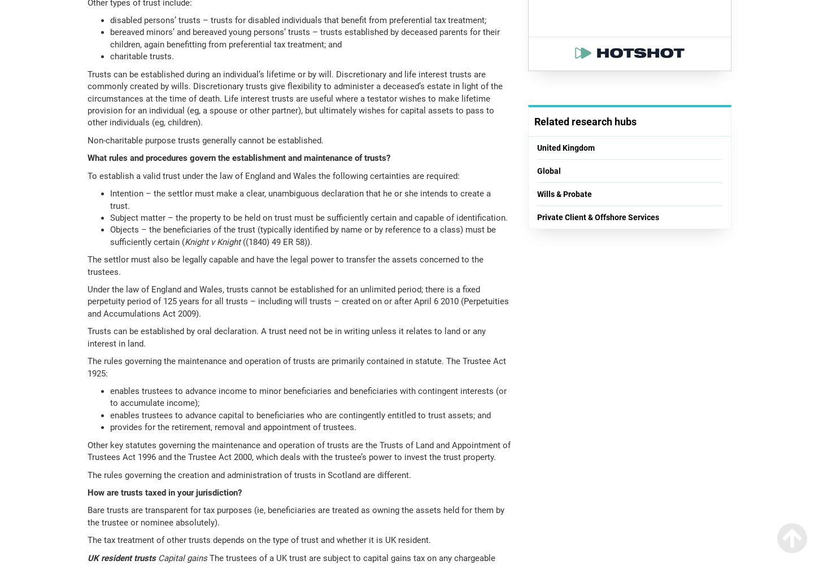 The height and width of the screenshot is (565, 819). What do you see at coordinates (249, 474) in the screenshot?
I see `'The rules governing the creation and administration of trusts in Scotland are different.'` at bounding box center [249, 474].